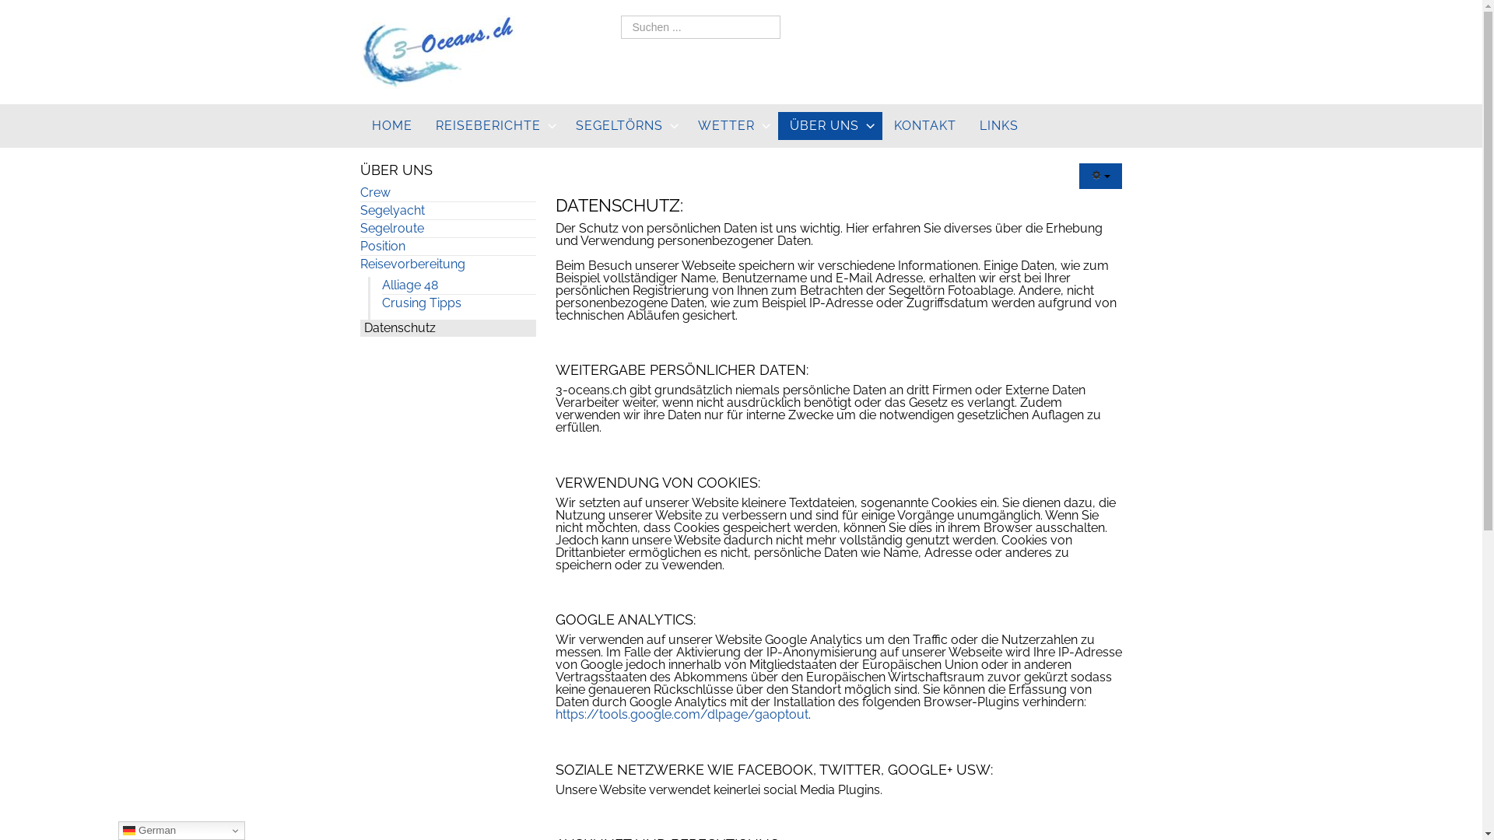 The width and height of the screenshot is (1494, 840). Describe the element at coordinates (492, 125) in the screenshot. I see `'REISEBERICHTE'` at that location.